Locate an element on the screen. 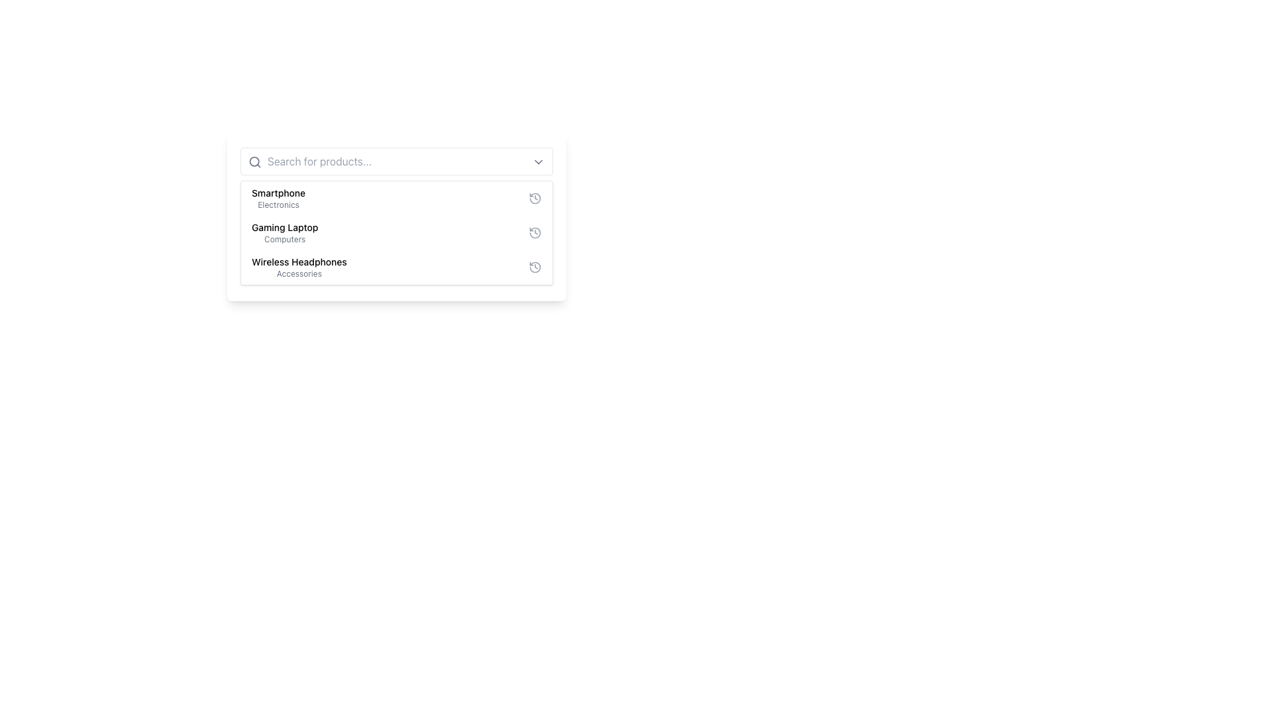 The image size is (1272, 715). the text content of the first item in the dropdown menu under the search bar, which displays the product category 'Smartphone' is located at coordinates (278, 193).